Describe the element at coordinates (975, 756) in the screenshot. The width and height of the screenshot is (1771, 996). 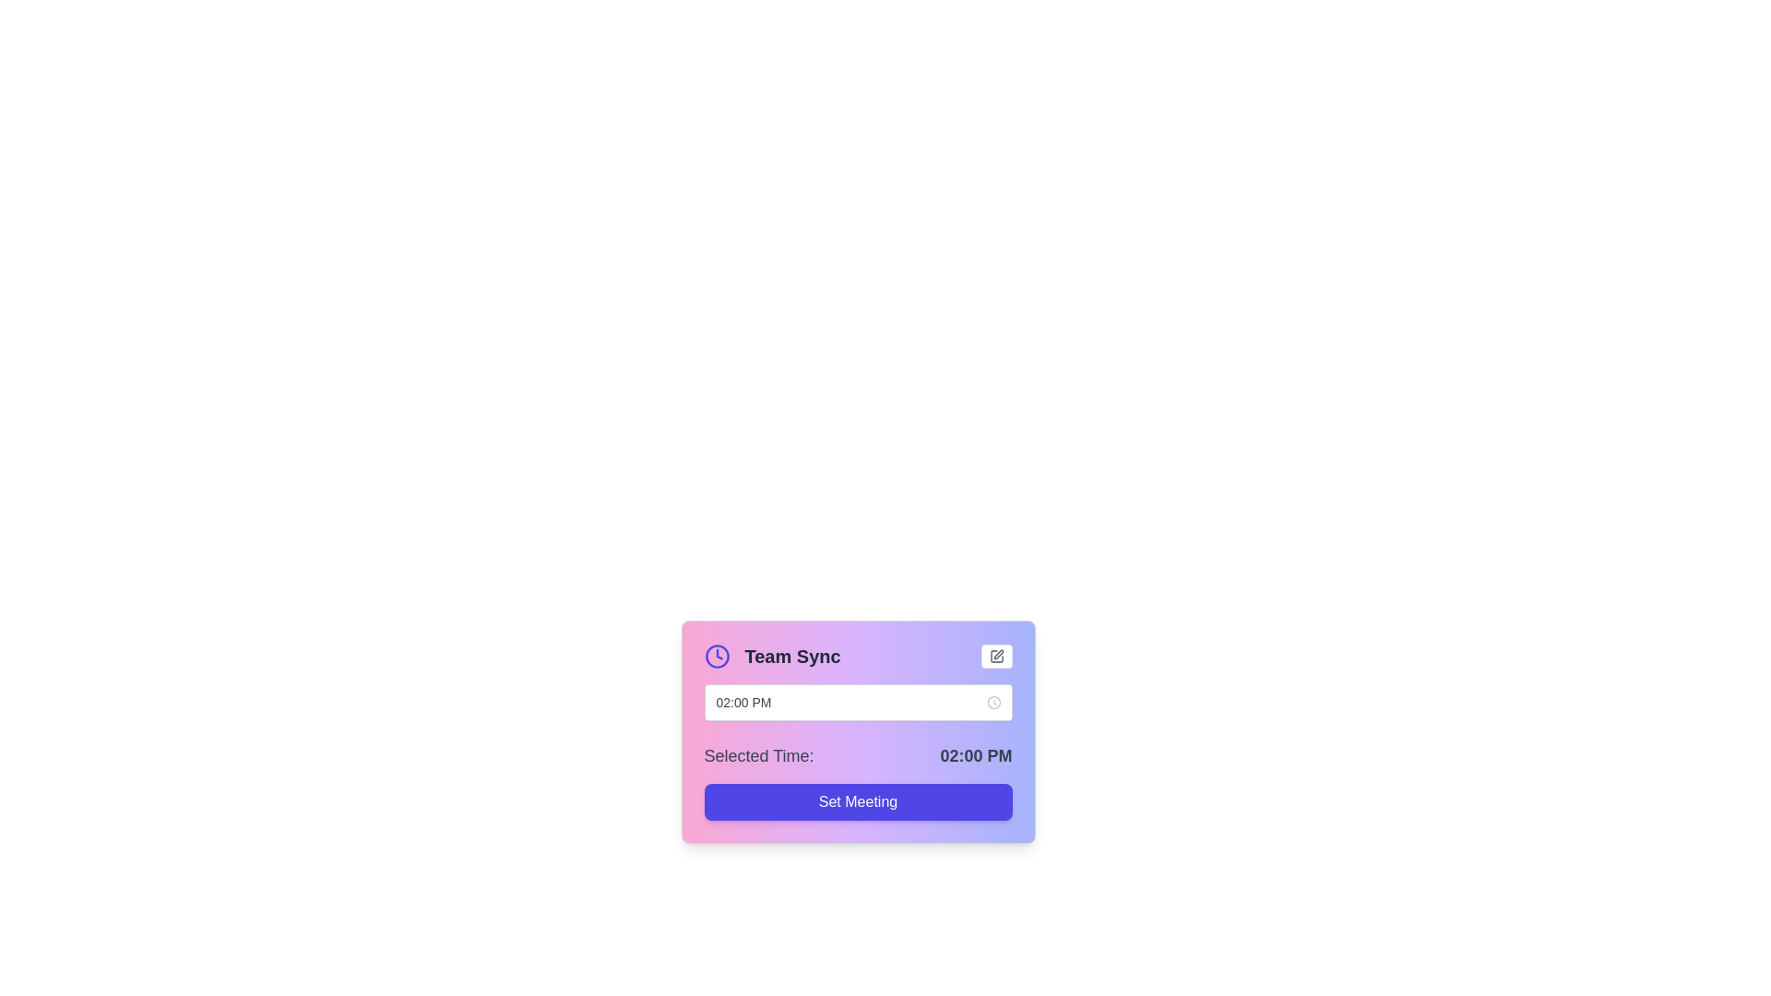
I see `the text label displaying '02:00 PM' which has a bold font style and is aligned to the right of the 'Selected Time:' label` at that location.